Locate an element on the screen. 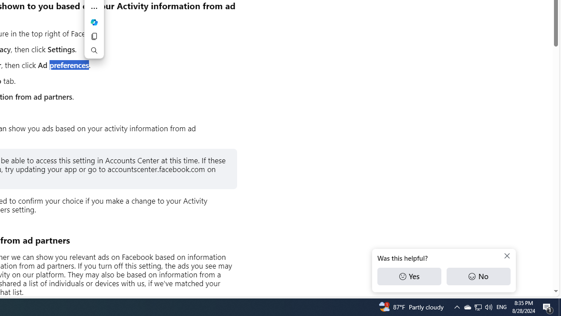 The image size is (561, 316). 'Dismiss' is located at coordinates (507, 256).